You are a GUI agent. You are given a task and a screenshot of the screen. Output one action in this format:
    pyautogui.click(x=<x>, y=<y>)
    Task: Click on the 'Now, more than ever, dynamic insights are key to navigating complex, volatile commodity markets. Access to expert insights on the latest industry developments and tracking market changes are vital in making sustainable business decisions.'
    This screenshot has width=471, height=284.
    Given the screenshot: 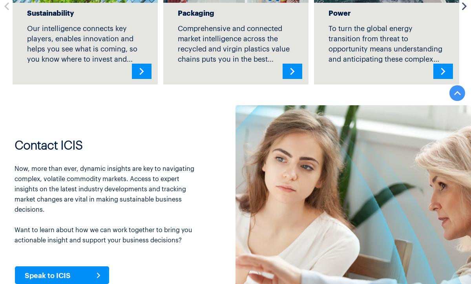 What is the action you would take?
    pyautogui.click(x=14, y=188)
    